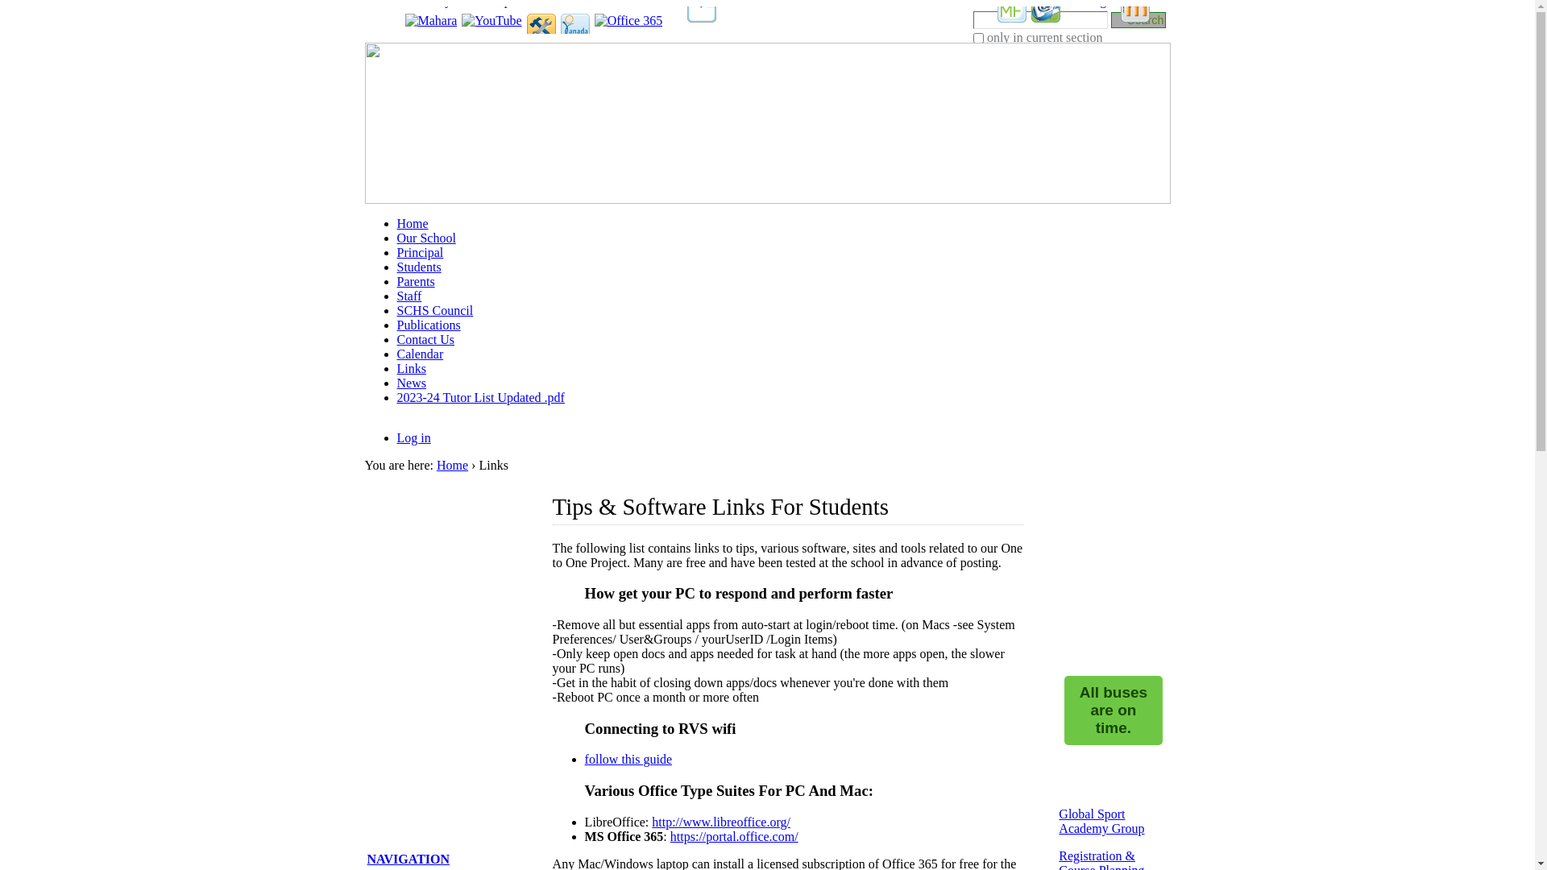 The width and height of the screenshot is (1547, 870). Describe the element at coordinates (628, 20) in the screenshot. I see `'Office 365'` at that location.